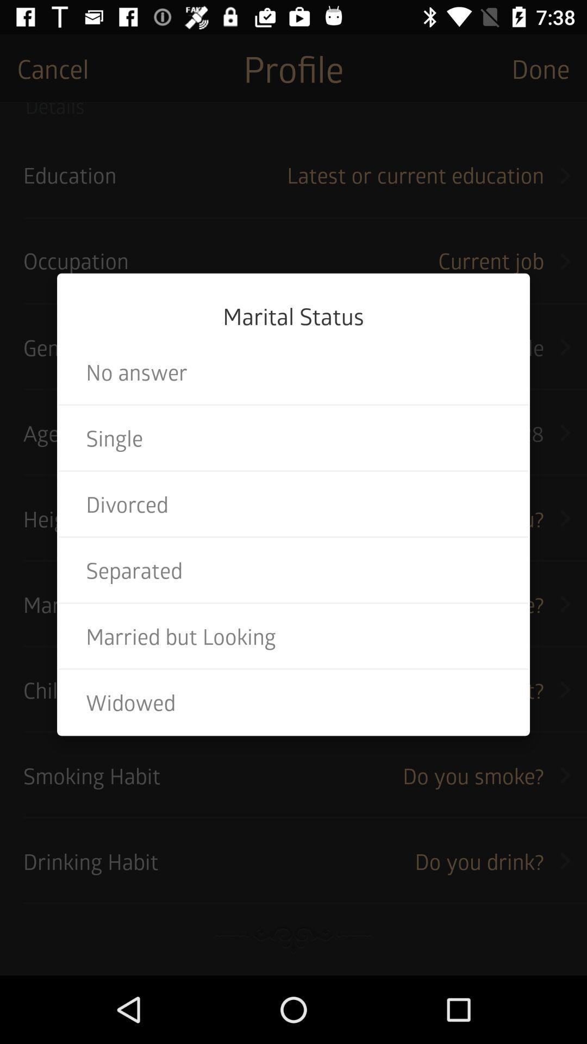  I want to click on widowed at the bottom, so click(293, 702).